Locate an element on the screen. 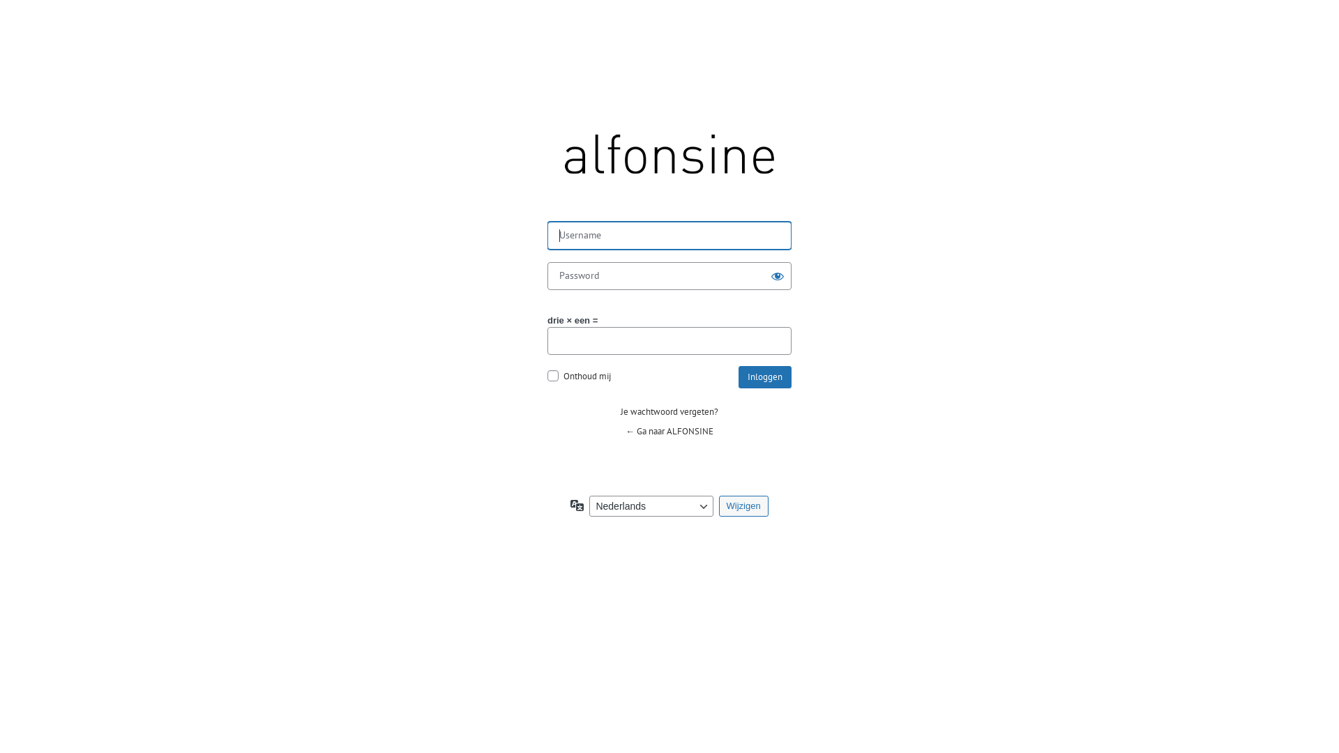  'ALFONSINE | En nog een WordPress site' is located at coordinates (669, 161).